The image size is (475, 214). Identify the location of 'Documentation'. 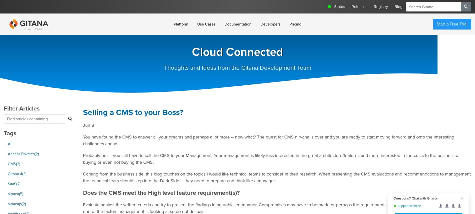
(237, 24).